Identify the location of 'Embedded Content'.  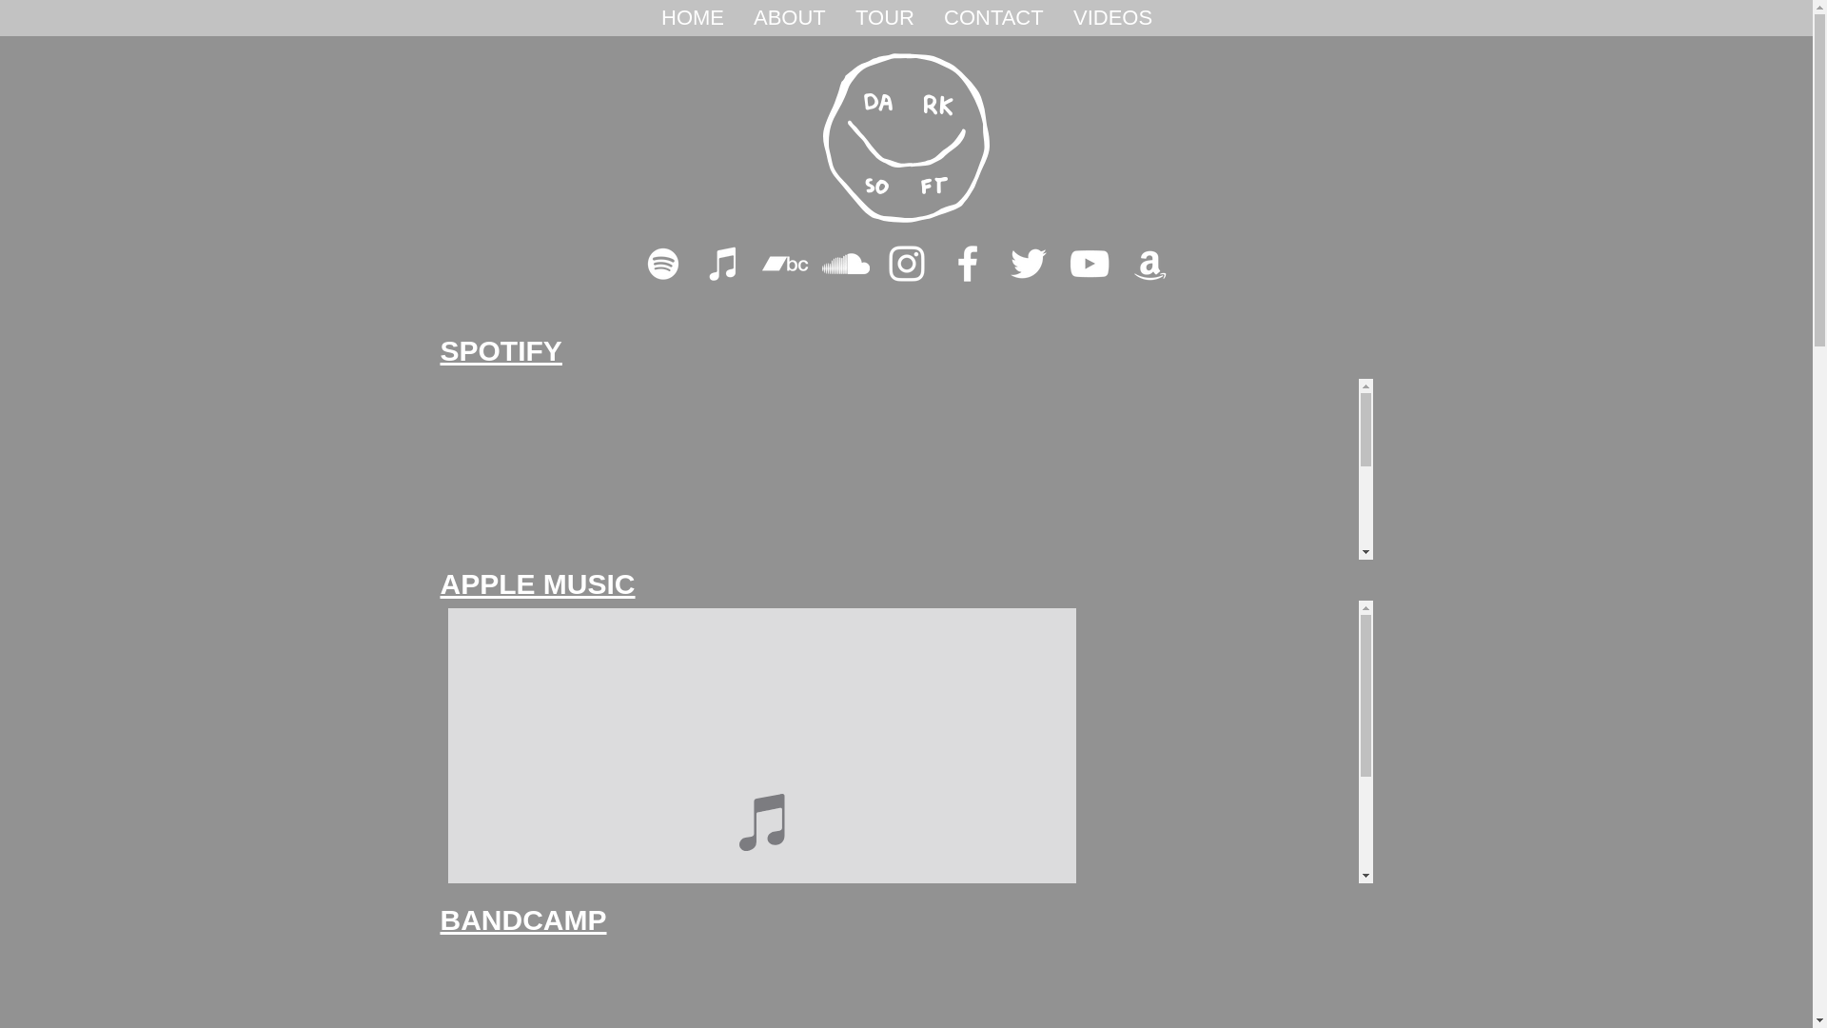
(904, 469).